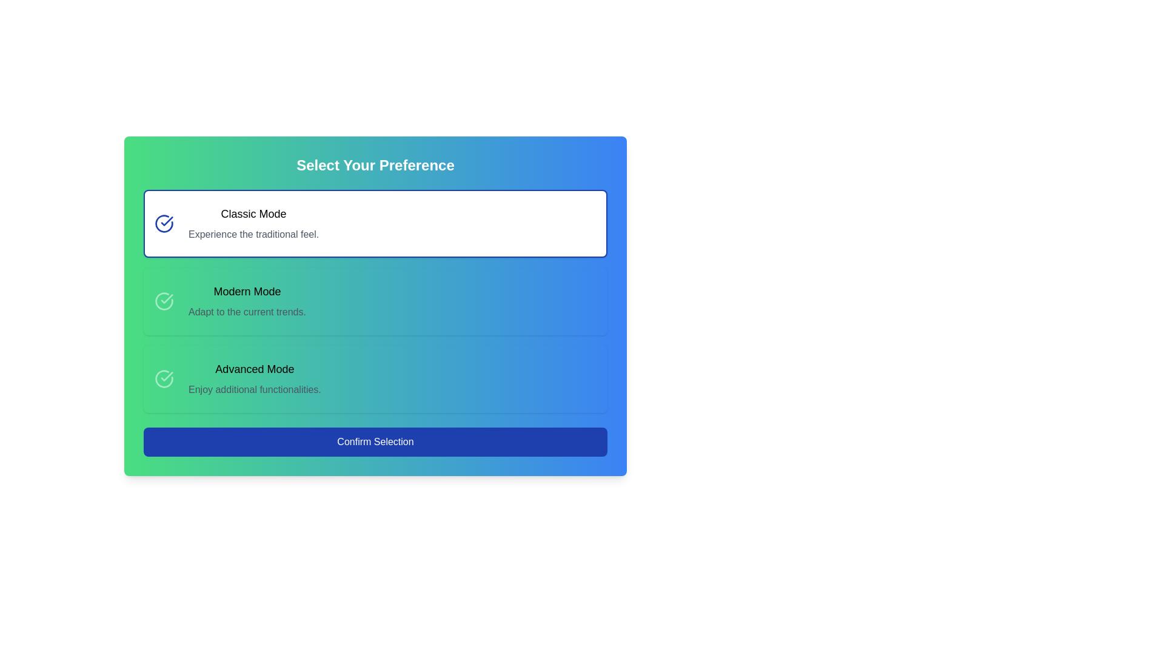 The image size is (1164, 655). Describe the element at coordinates (375, 378) in the screenshot. I see `the 'Advanced Mode' option card` at that location.